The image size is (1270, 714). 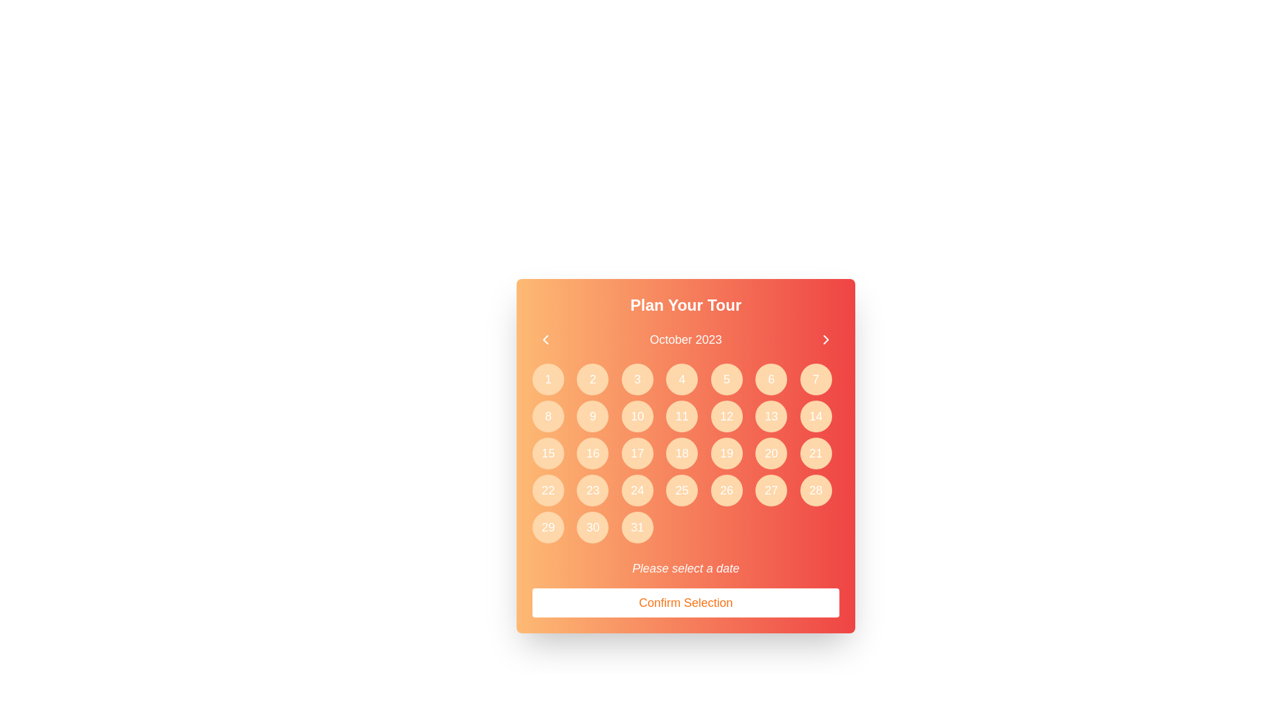 I want to click on the selectable day button in the calendar interface, which is the 25th item located in the fourth column and fourth row of the grid, so click(x=682, y=490).